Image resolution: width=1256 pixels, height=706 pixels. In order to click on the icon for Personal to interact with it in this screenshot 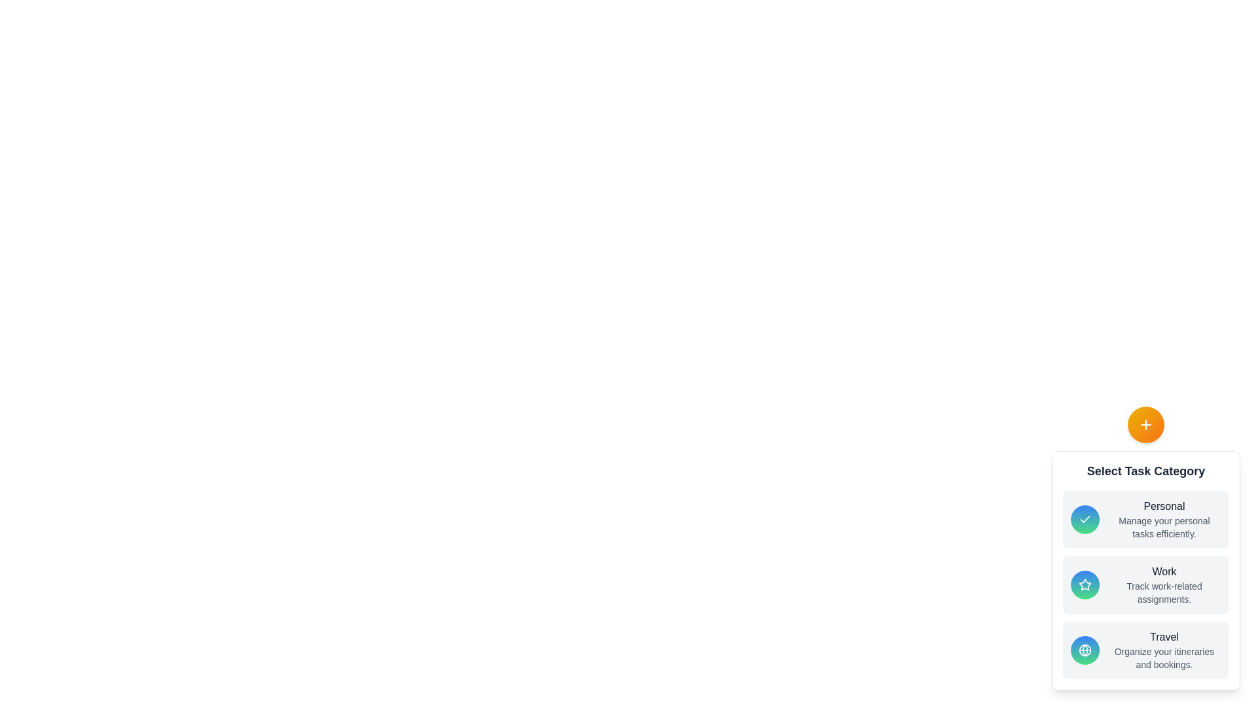, I will do `click(1085, 518)`.